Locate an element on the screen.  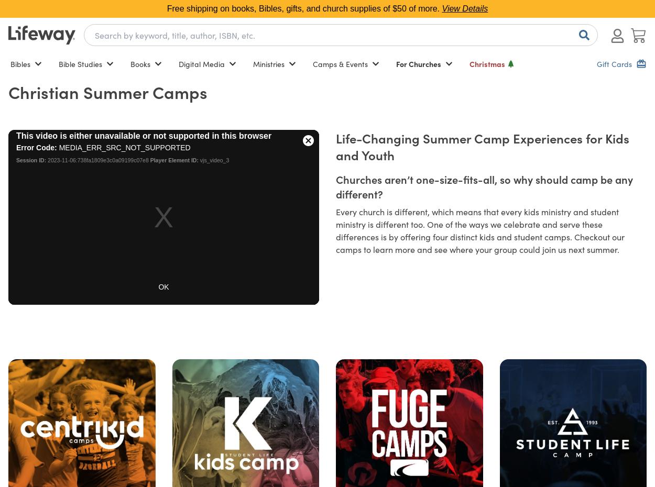
'Session ID:' is located at coordinates (31, 160).